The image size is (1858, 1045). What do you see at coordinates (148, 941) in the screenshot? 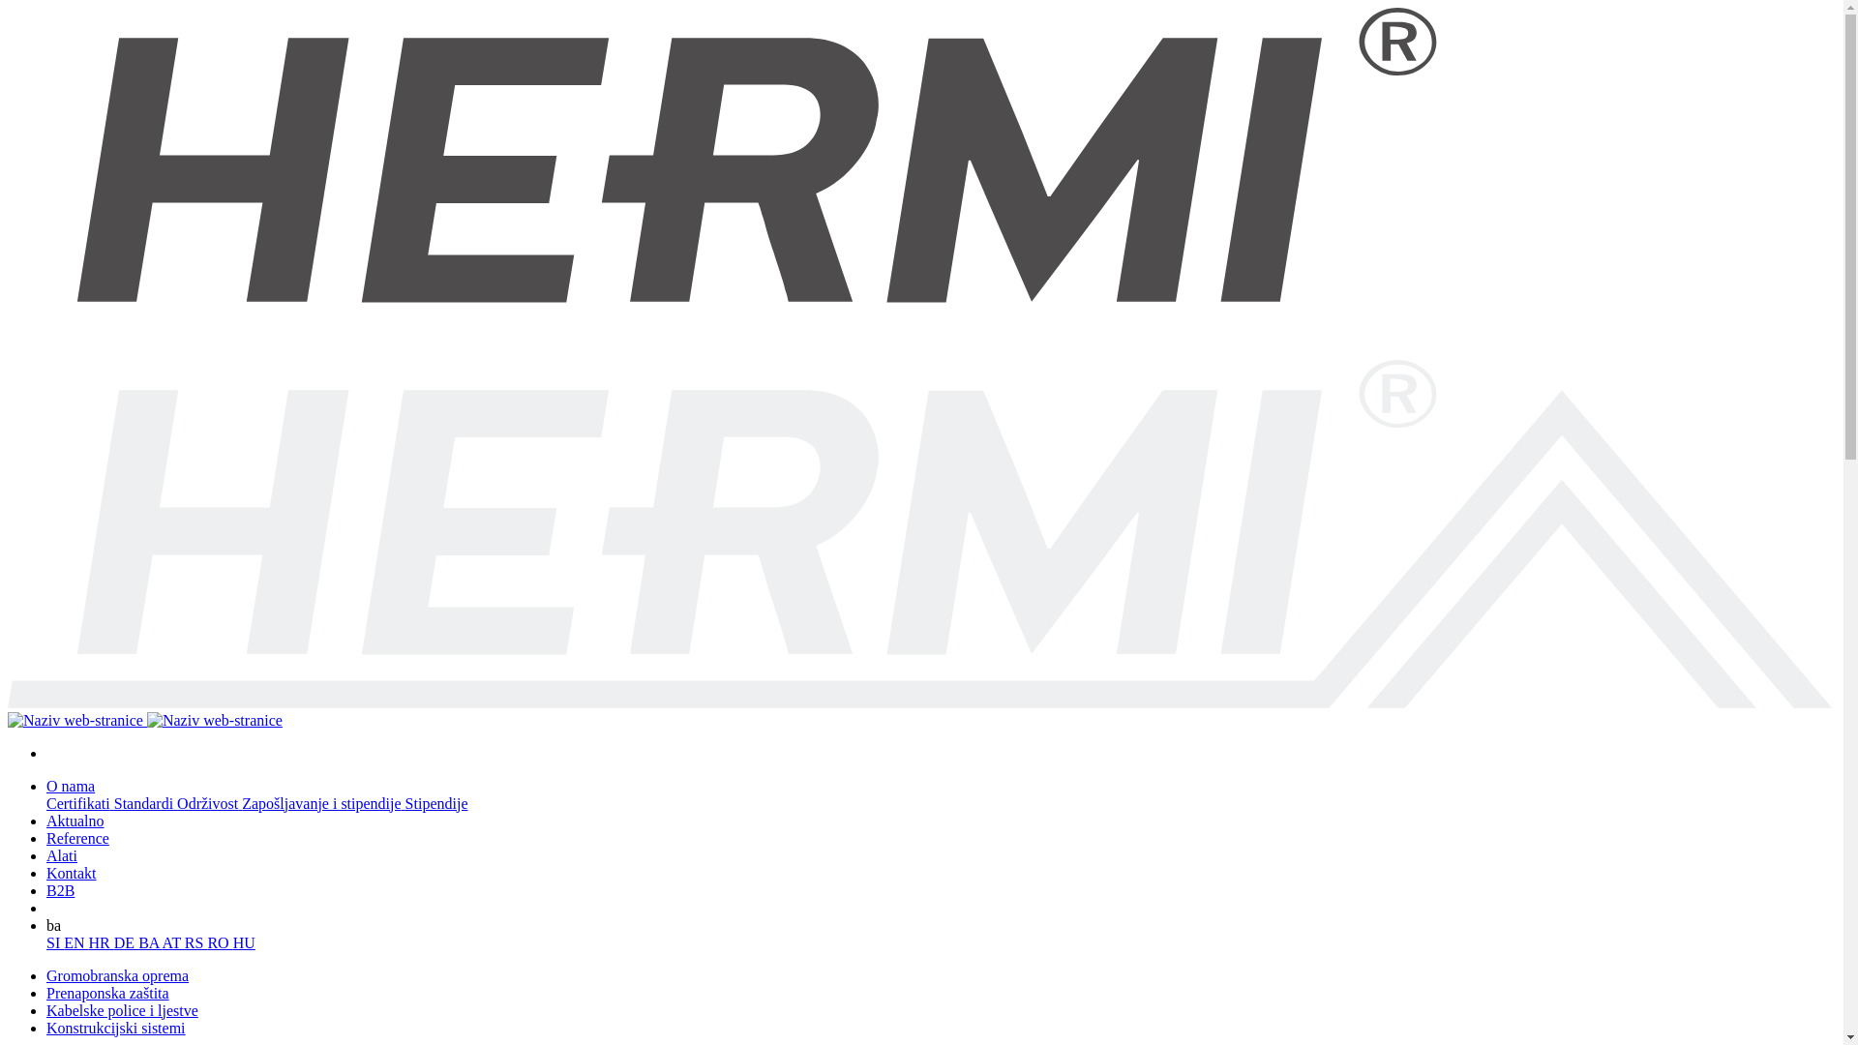
I see `'BA'` at bounding box center [148, 941].